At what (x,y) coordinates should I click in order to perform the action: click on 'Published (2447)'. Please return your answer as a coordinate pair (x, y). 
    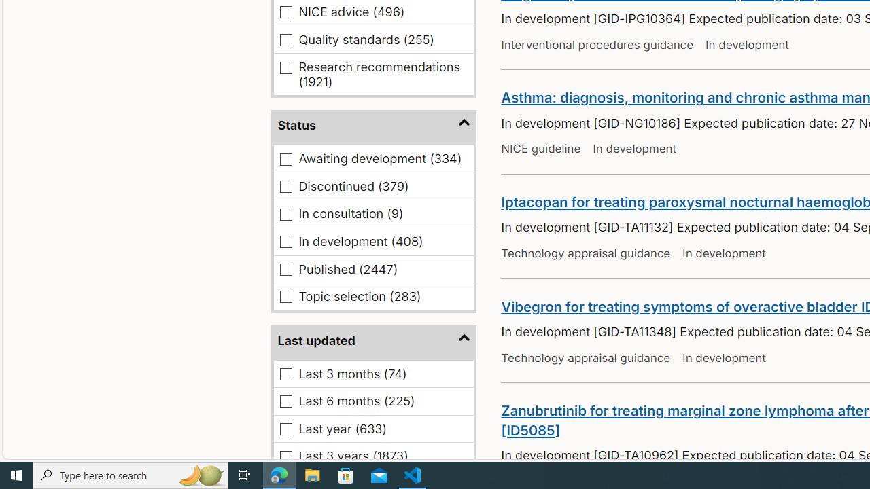
    Looking at the image, I should click on (285, 269).